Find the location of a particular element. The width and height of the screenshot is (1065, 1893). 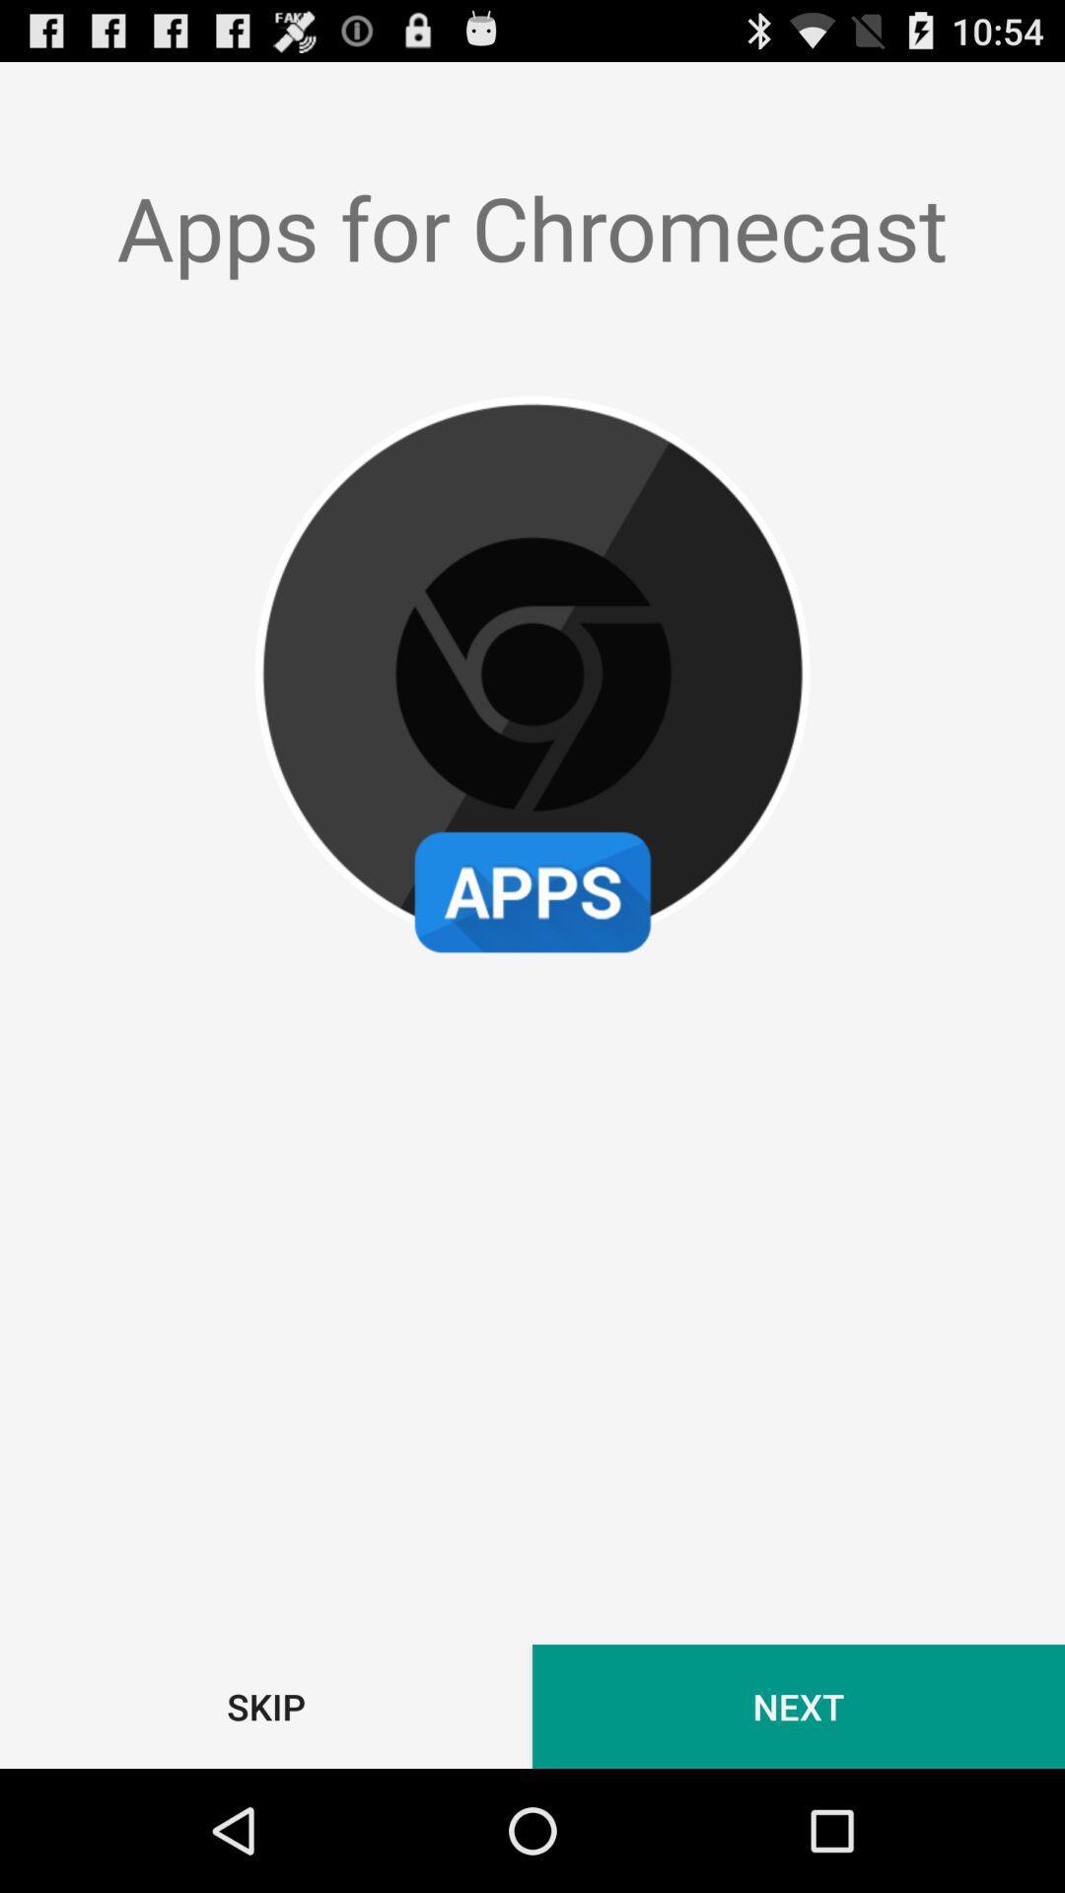

icon at the bottom left corner is located at coordinates (266, 1706).